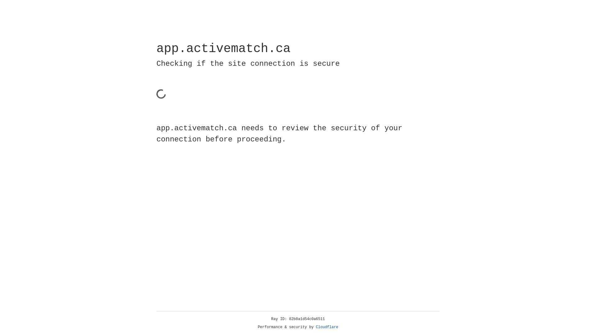  Describe the element at coordinates (327, 327) in the screenshot. I see `'Cloudflare'` at that location.